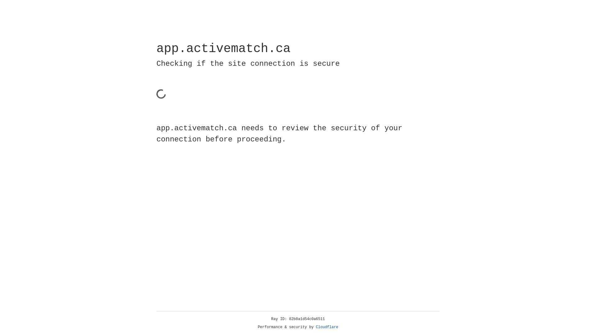  Describe the element at coordinates (327, 327) in the screenshot. I see `'Cloudflare'` at that location.